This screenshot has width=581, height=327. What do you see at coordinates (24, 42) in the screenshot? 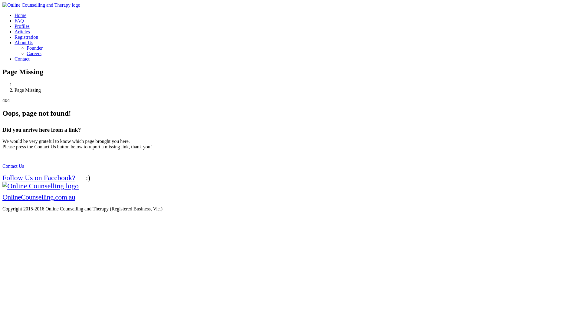
I see `'About Us'` at bounding box center [24, 42].